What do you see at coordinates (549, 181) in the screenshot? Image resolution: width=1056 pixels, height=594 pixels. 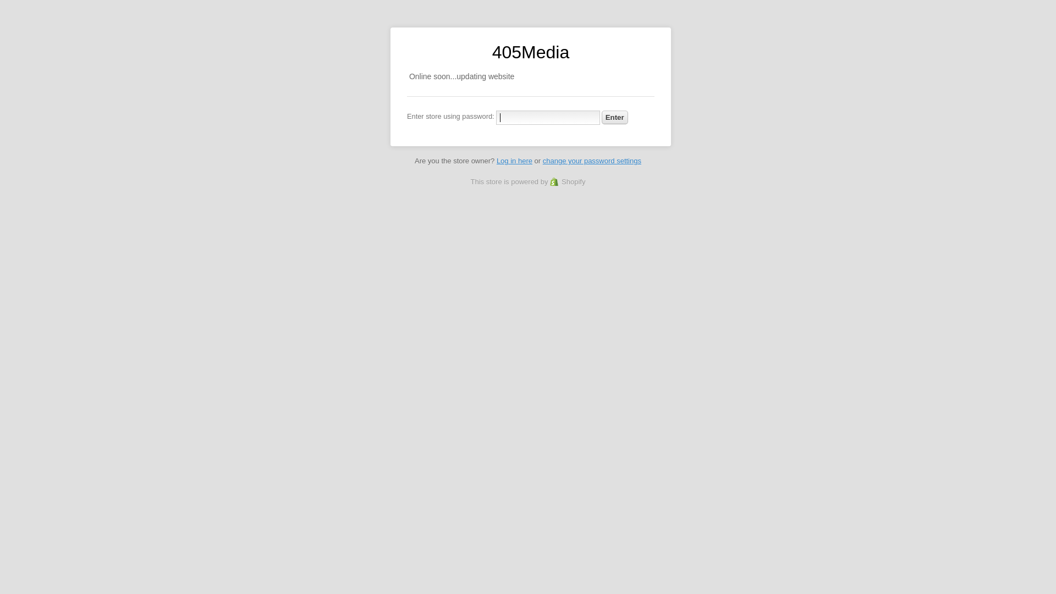 I see `'Shopify'` at bounding box center [549, 181].